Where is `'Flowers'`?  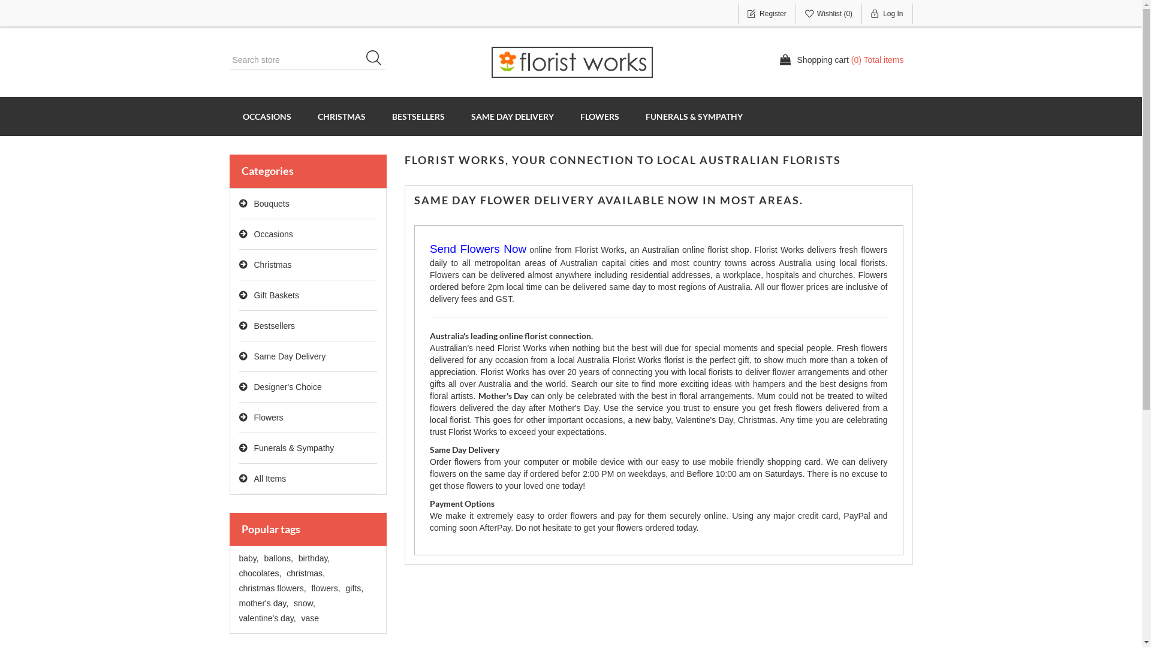 'Flowers' is located at coordinates (308, 417).